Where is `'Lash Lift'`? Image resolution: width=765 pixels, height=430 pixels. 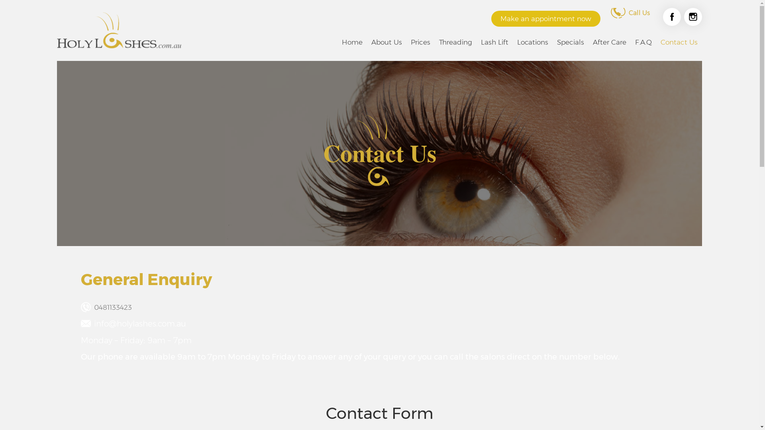 'Lash Lift' is located at coordinates (476, 42).